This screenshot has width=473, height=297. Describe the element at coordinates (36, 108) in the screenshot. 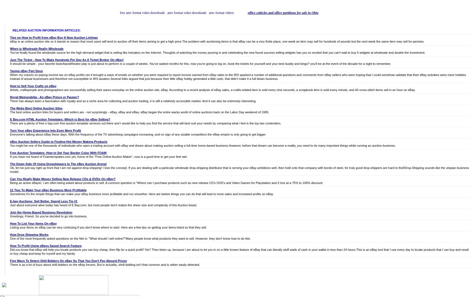

I see `'The Webs Best Online
        Auction Sites'` at that location.